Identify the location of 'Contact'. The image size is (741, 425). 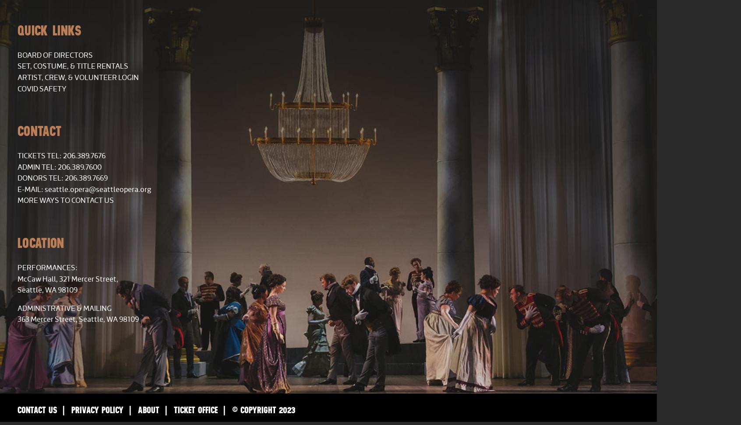
(39, 131).